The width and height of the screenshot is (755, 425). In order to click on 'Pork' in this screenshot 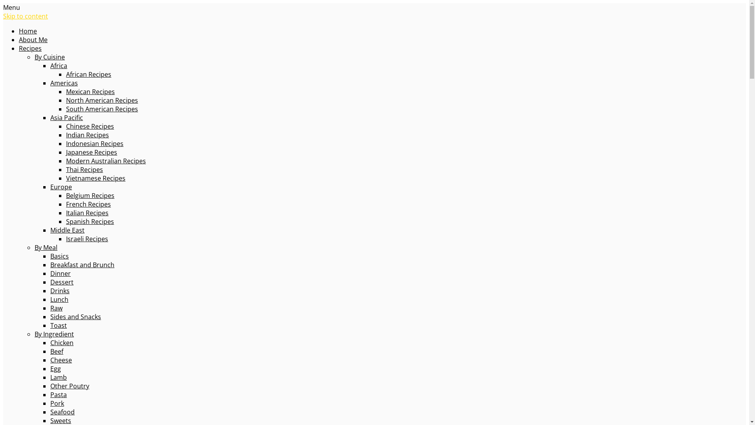, I will do `click(57, 403)`.